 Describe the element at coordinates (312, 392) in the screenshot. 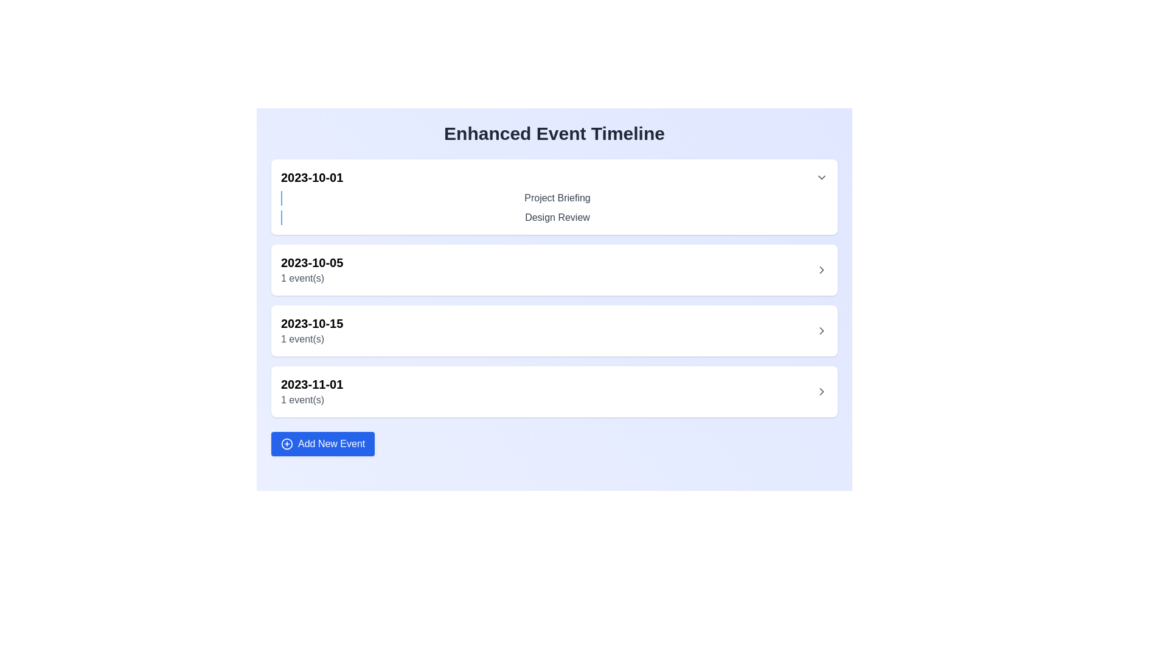

I see `the date and event count display element that shows the date '2023-11-01' and '1 event(s)', which is the fourth visible item in a vertically arranged list of similar elements` at that location.